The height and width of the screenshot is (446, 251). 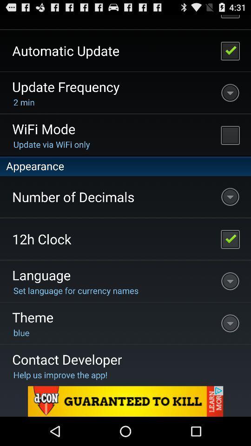 I want to click on for wifi updates only, so click(x=230, y=134).